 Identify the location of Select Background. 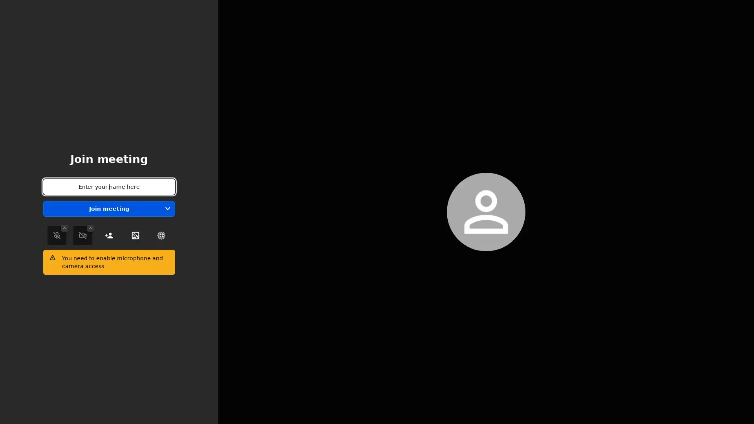
(135, 235).